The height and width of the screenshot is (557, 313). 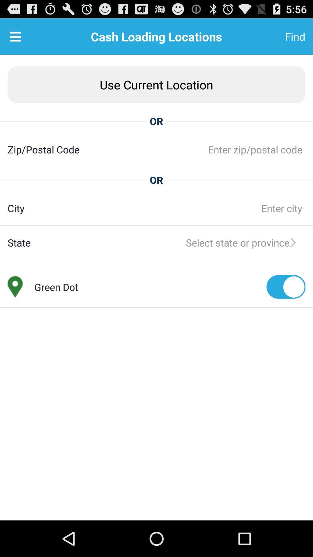 What do you see at coordinates (15, 36) in the screenshot?
I see `icon above use current location` at bounding box center [15, 36].